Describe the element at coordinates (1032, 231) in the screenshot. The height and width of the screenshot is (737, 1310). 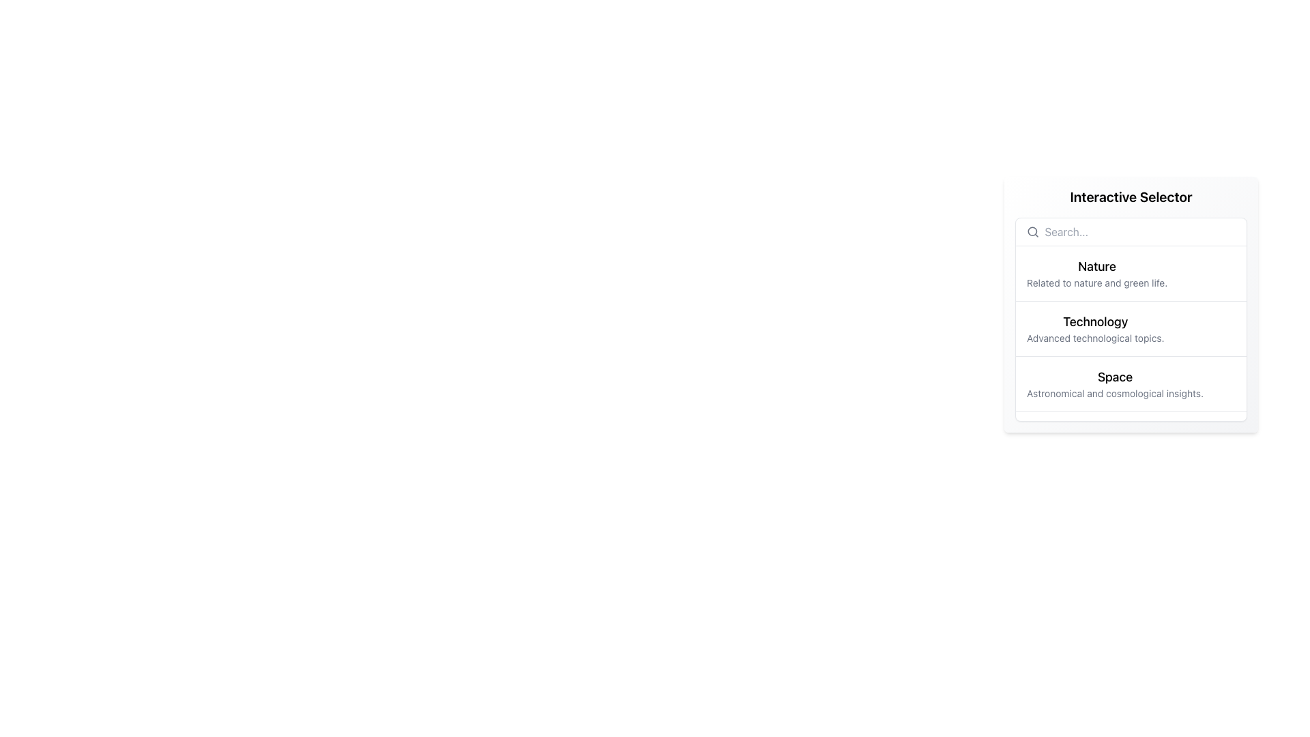
I see `the circular portion of the magnifying glass icon located on the left side of the search bar within the interactive selector panel` at that location.